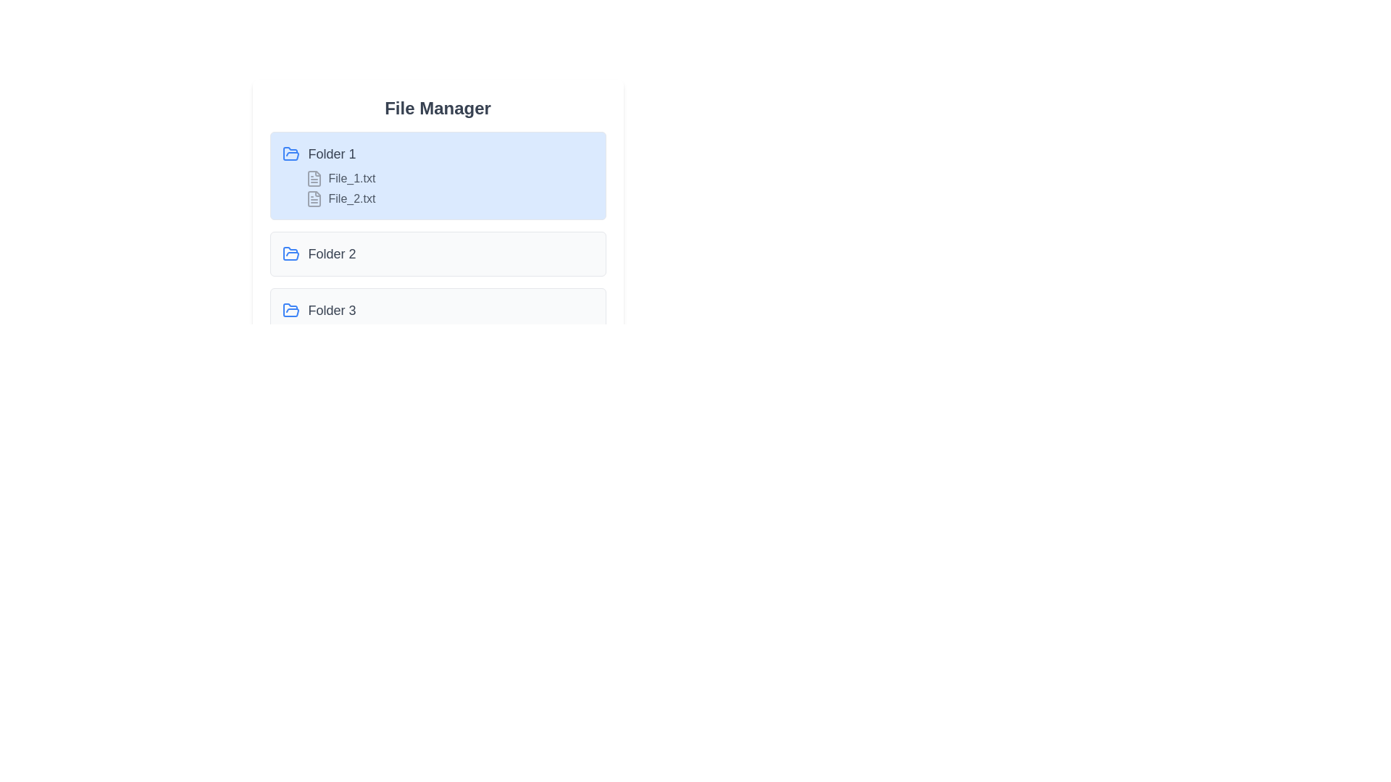 This screenshot has width=1391, height=782. I want to click on the text label representing the name of the folder, located as the third entry under the 'File Manager' title, so click(331, 309).